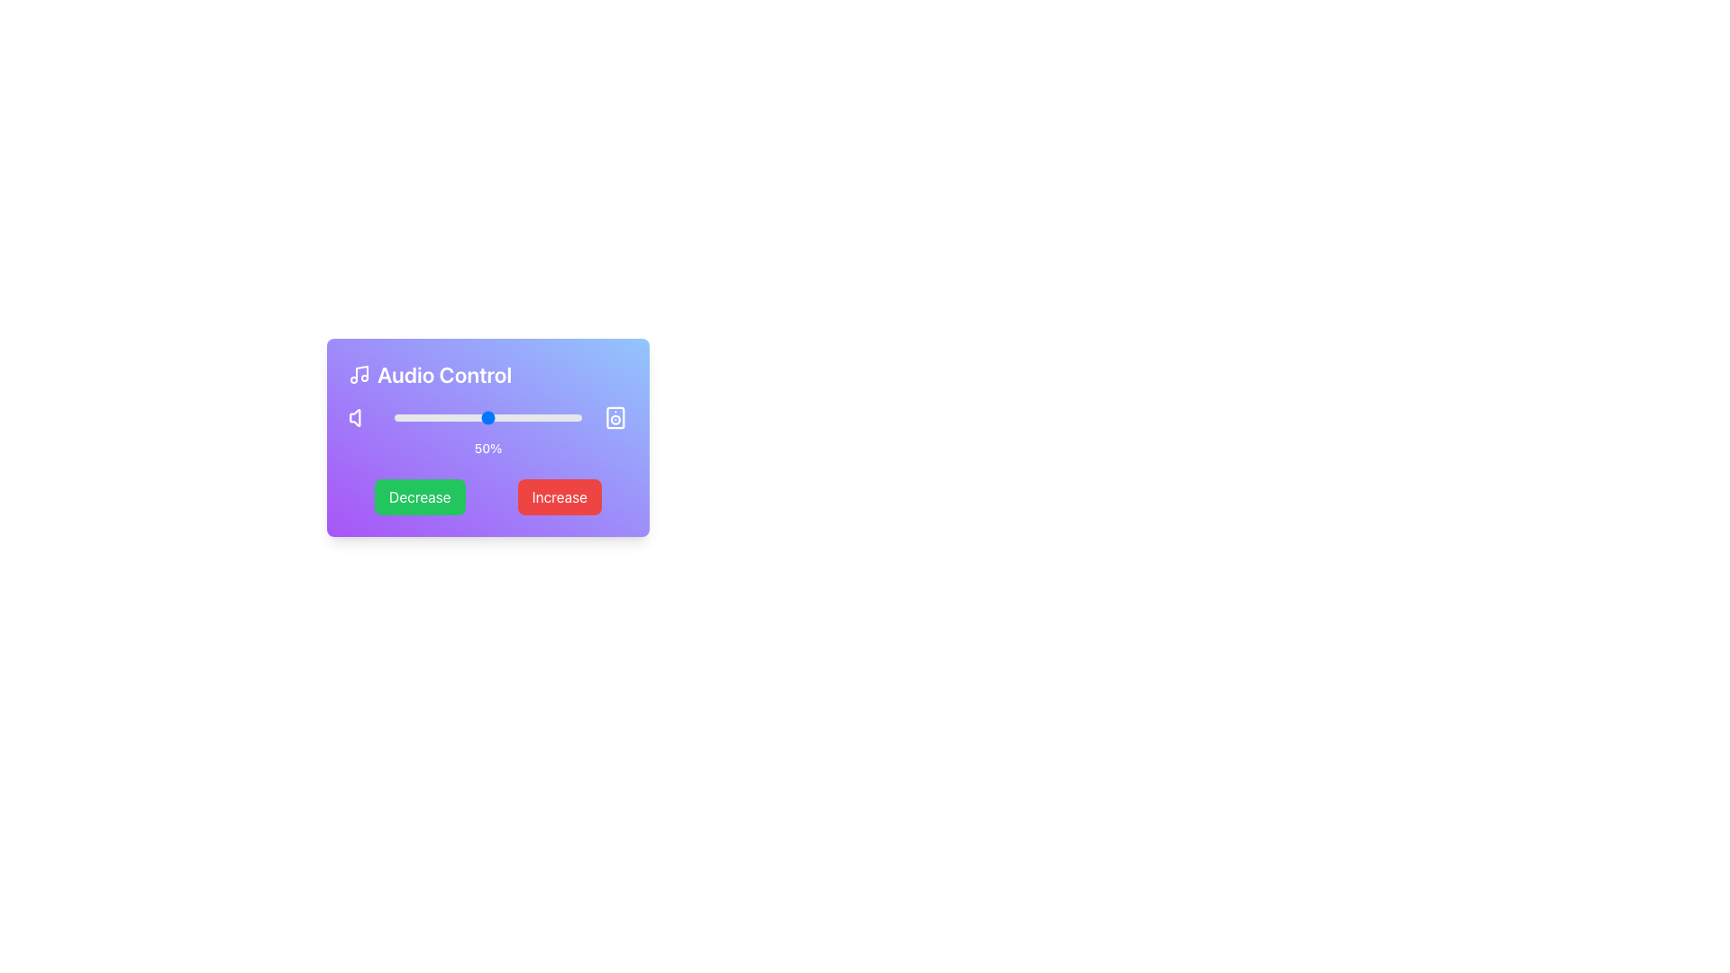 Image resolution: width=1730 pixels, height=973 pixels. I want to click on the slider, so click(551, 417).